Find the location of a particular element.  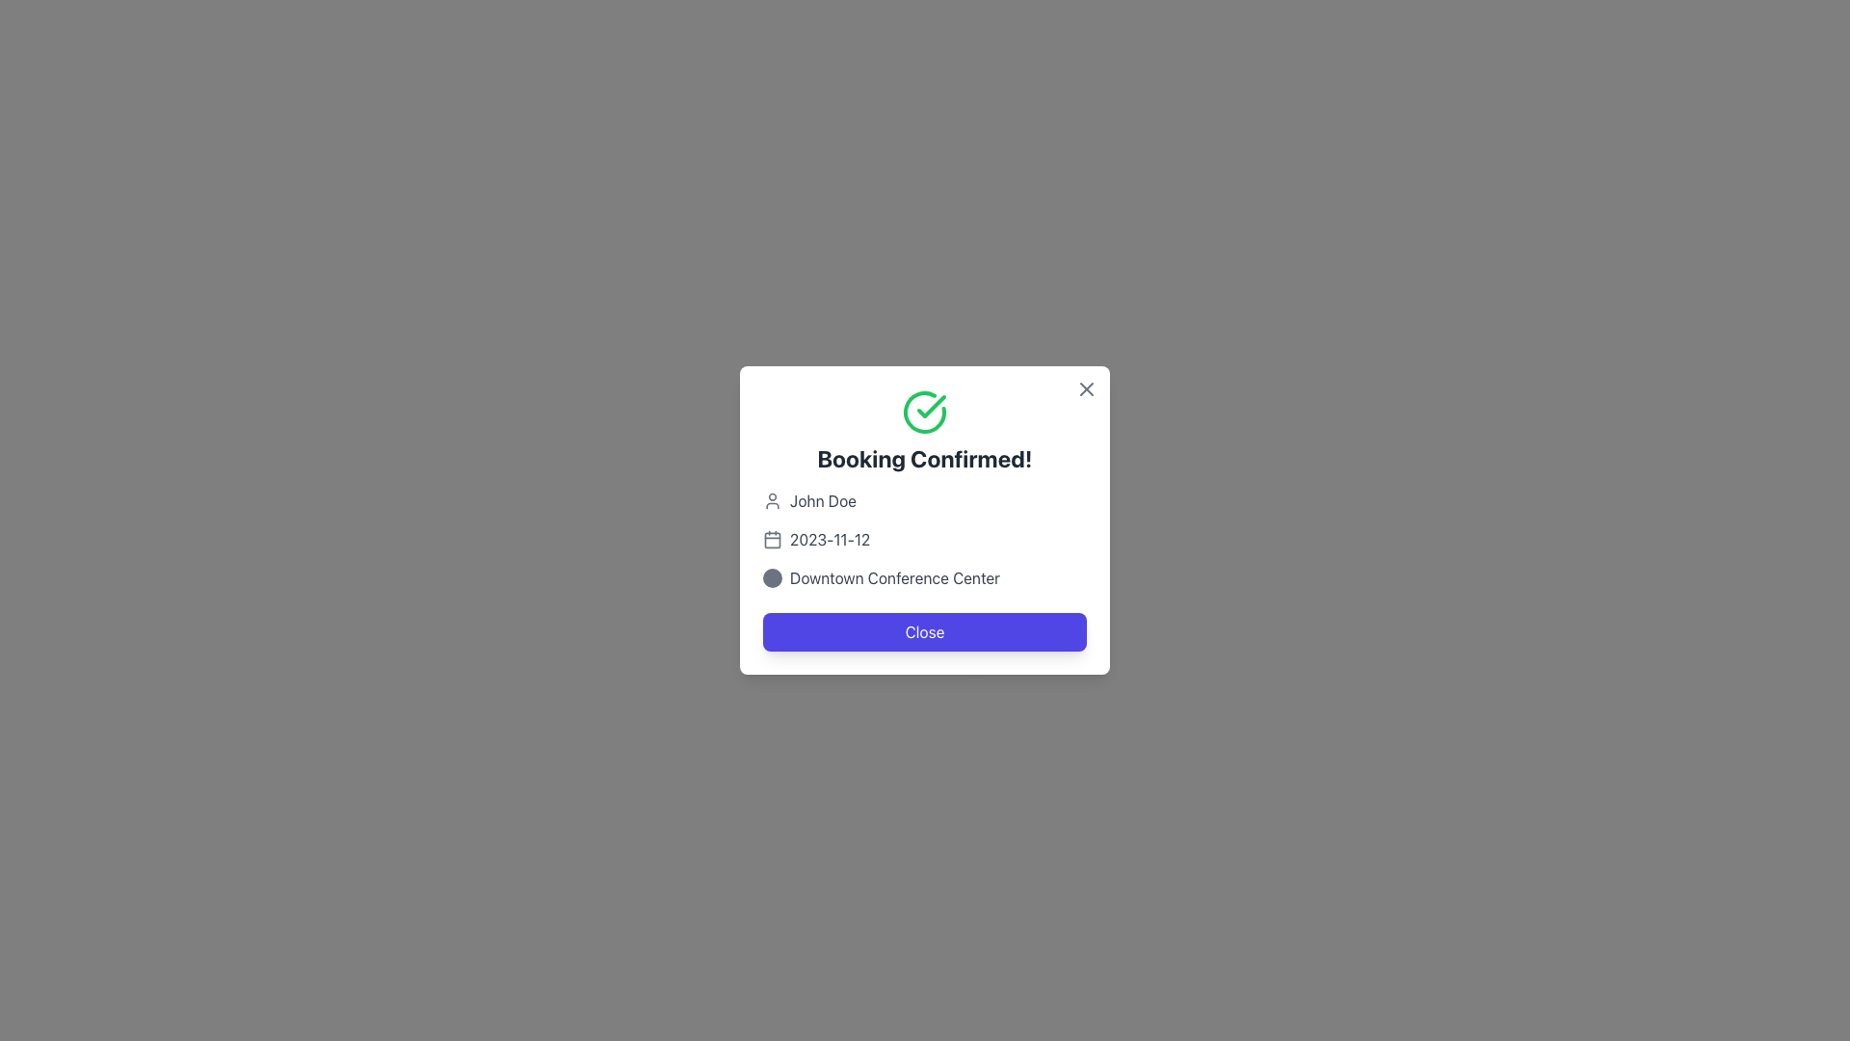

the Text Display that confirms a successful booking action, located below the success icon and above individual and location details is located at coordinates (925, 458).